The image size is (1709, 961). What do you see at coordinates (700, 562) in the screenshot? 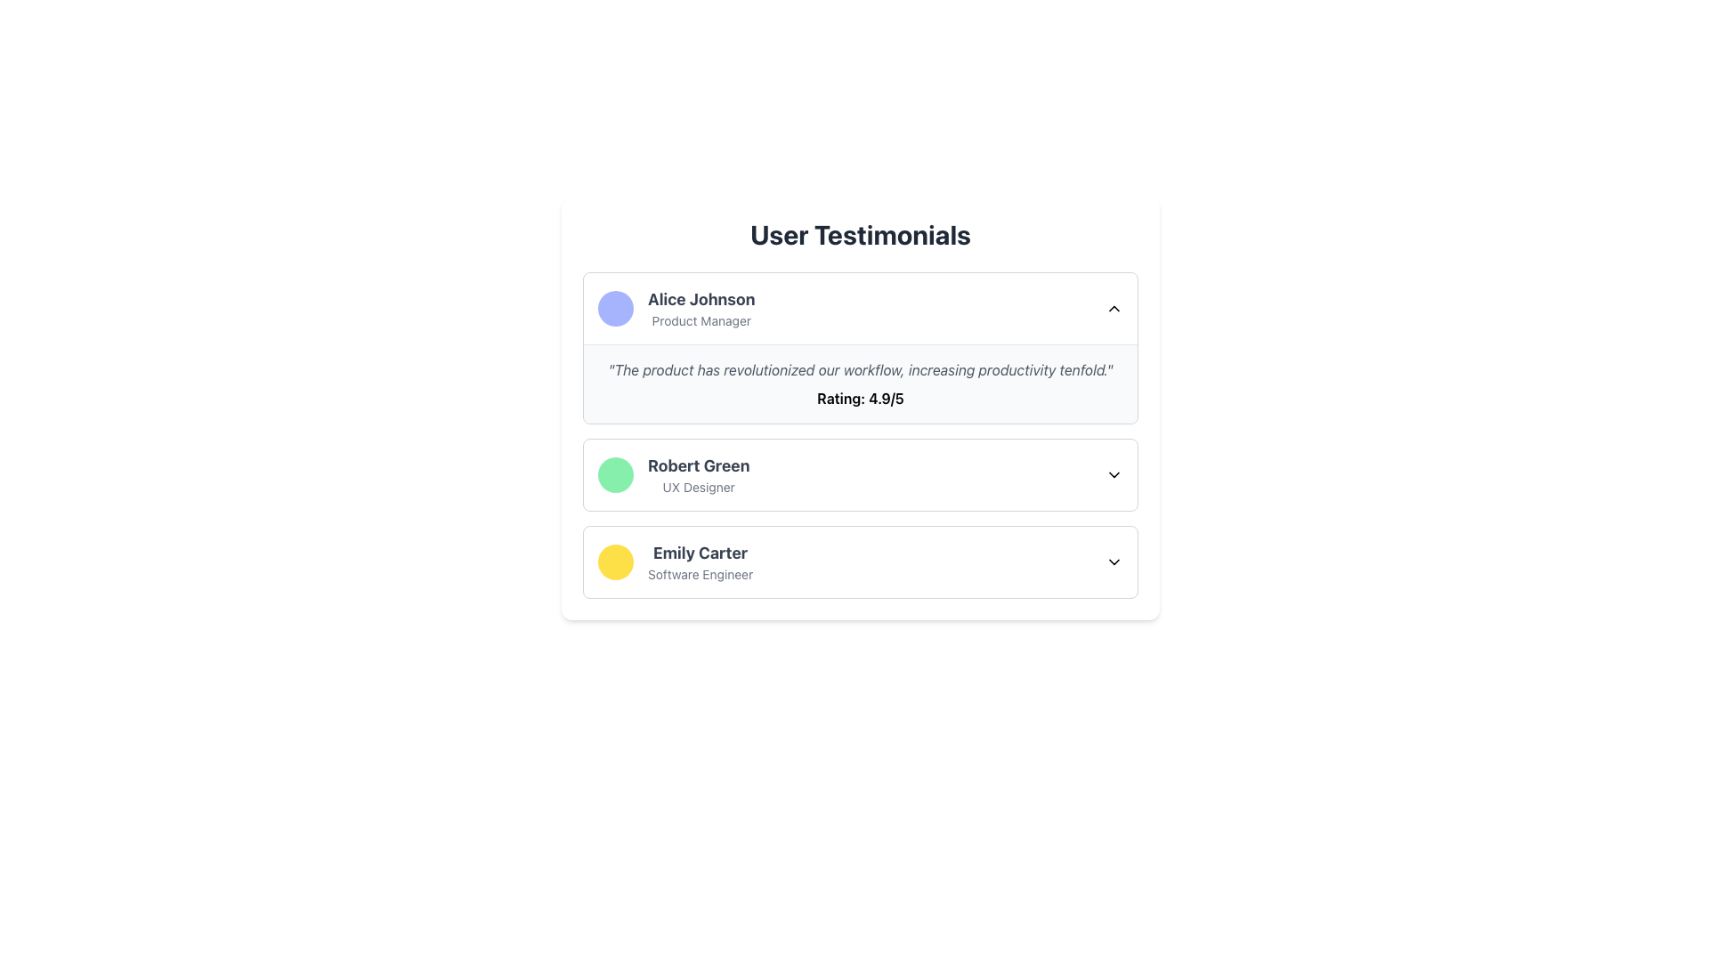
I see `the Text Block element that contains the name 'Emily Carter' and the title 'Software Engineer', located within the 'User Testimonials' section, specifically under the third item in the list, positioned to the right of a yellow circular avatar` at bounding box center [700, 562].